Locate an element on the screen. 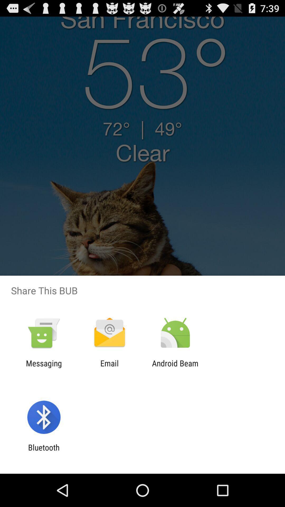 Image resolution: width=285 pixels, height=507 pixels. the icon to the right of email icon is located at coordinates (175, 368).